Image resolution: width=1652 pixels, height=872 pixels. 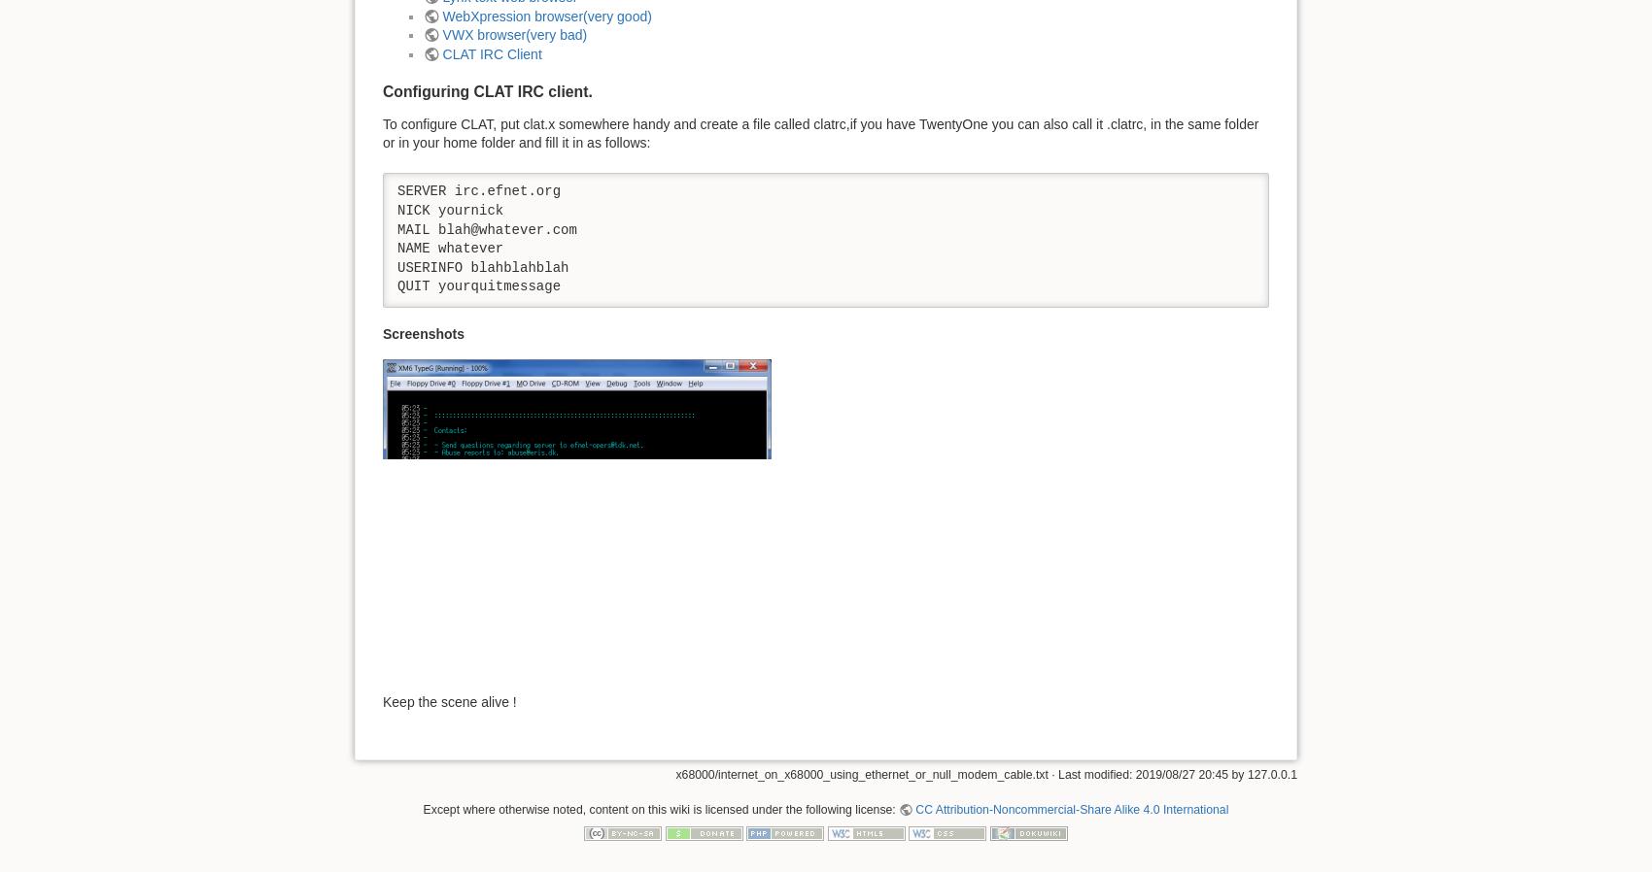 I want to click on 'CLAT IRC Client', so click(x=441, y=51).